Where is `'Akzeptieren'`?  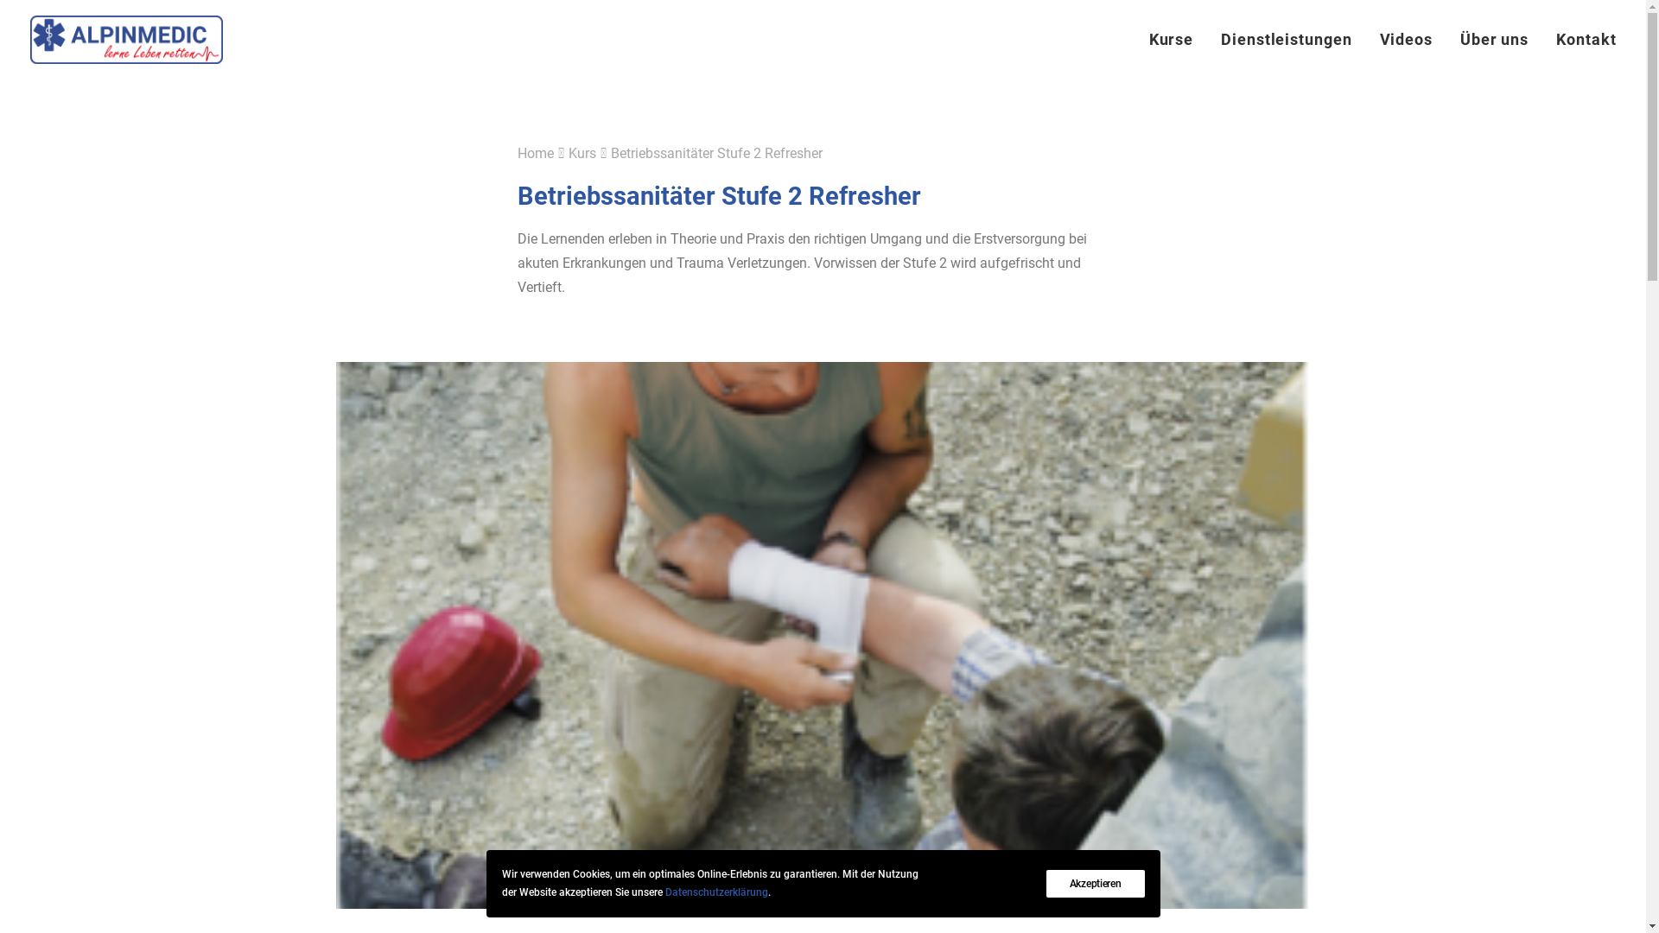
'Akzeptieren' is located at coordinates (1094, 883).